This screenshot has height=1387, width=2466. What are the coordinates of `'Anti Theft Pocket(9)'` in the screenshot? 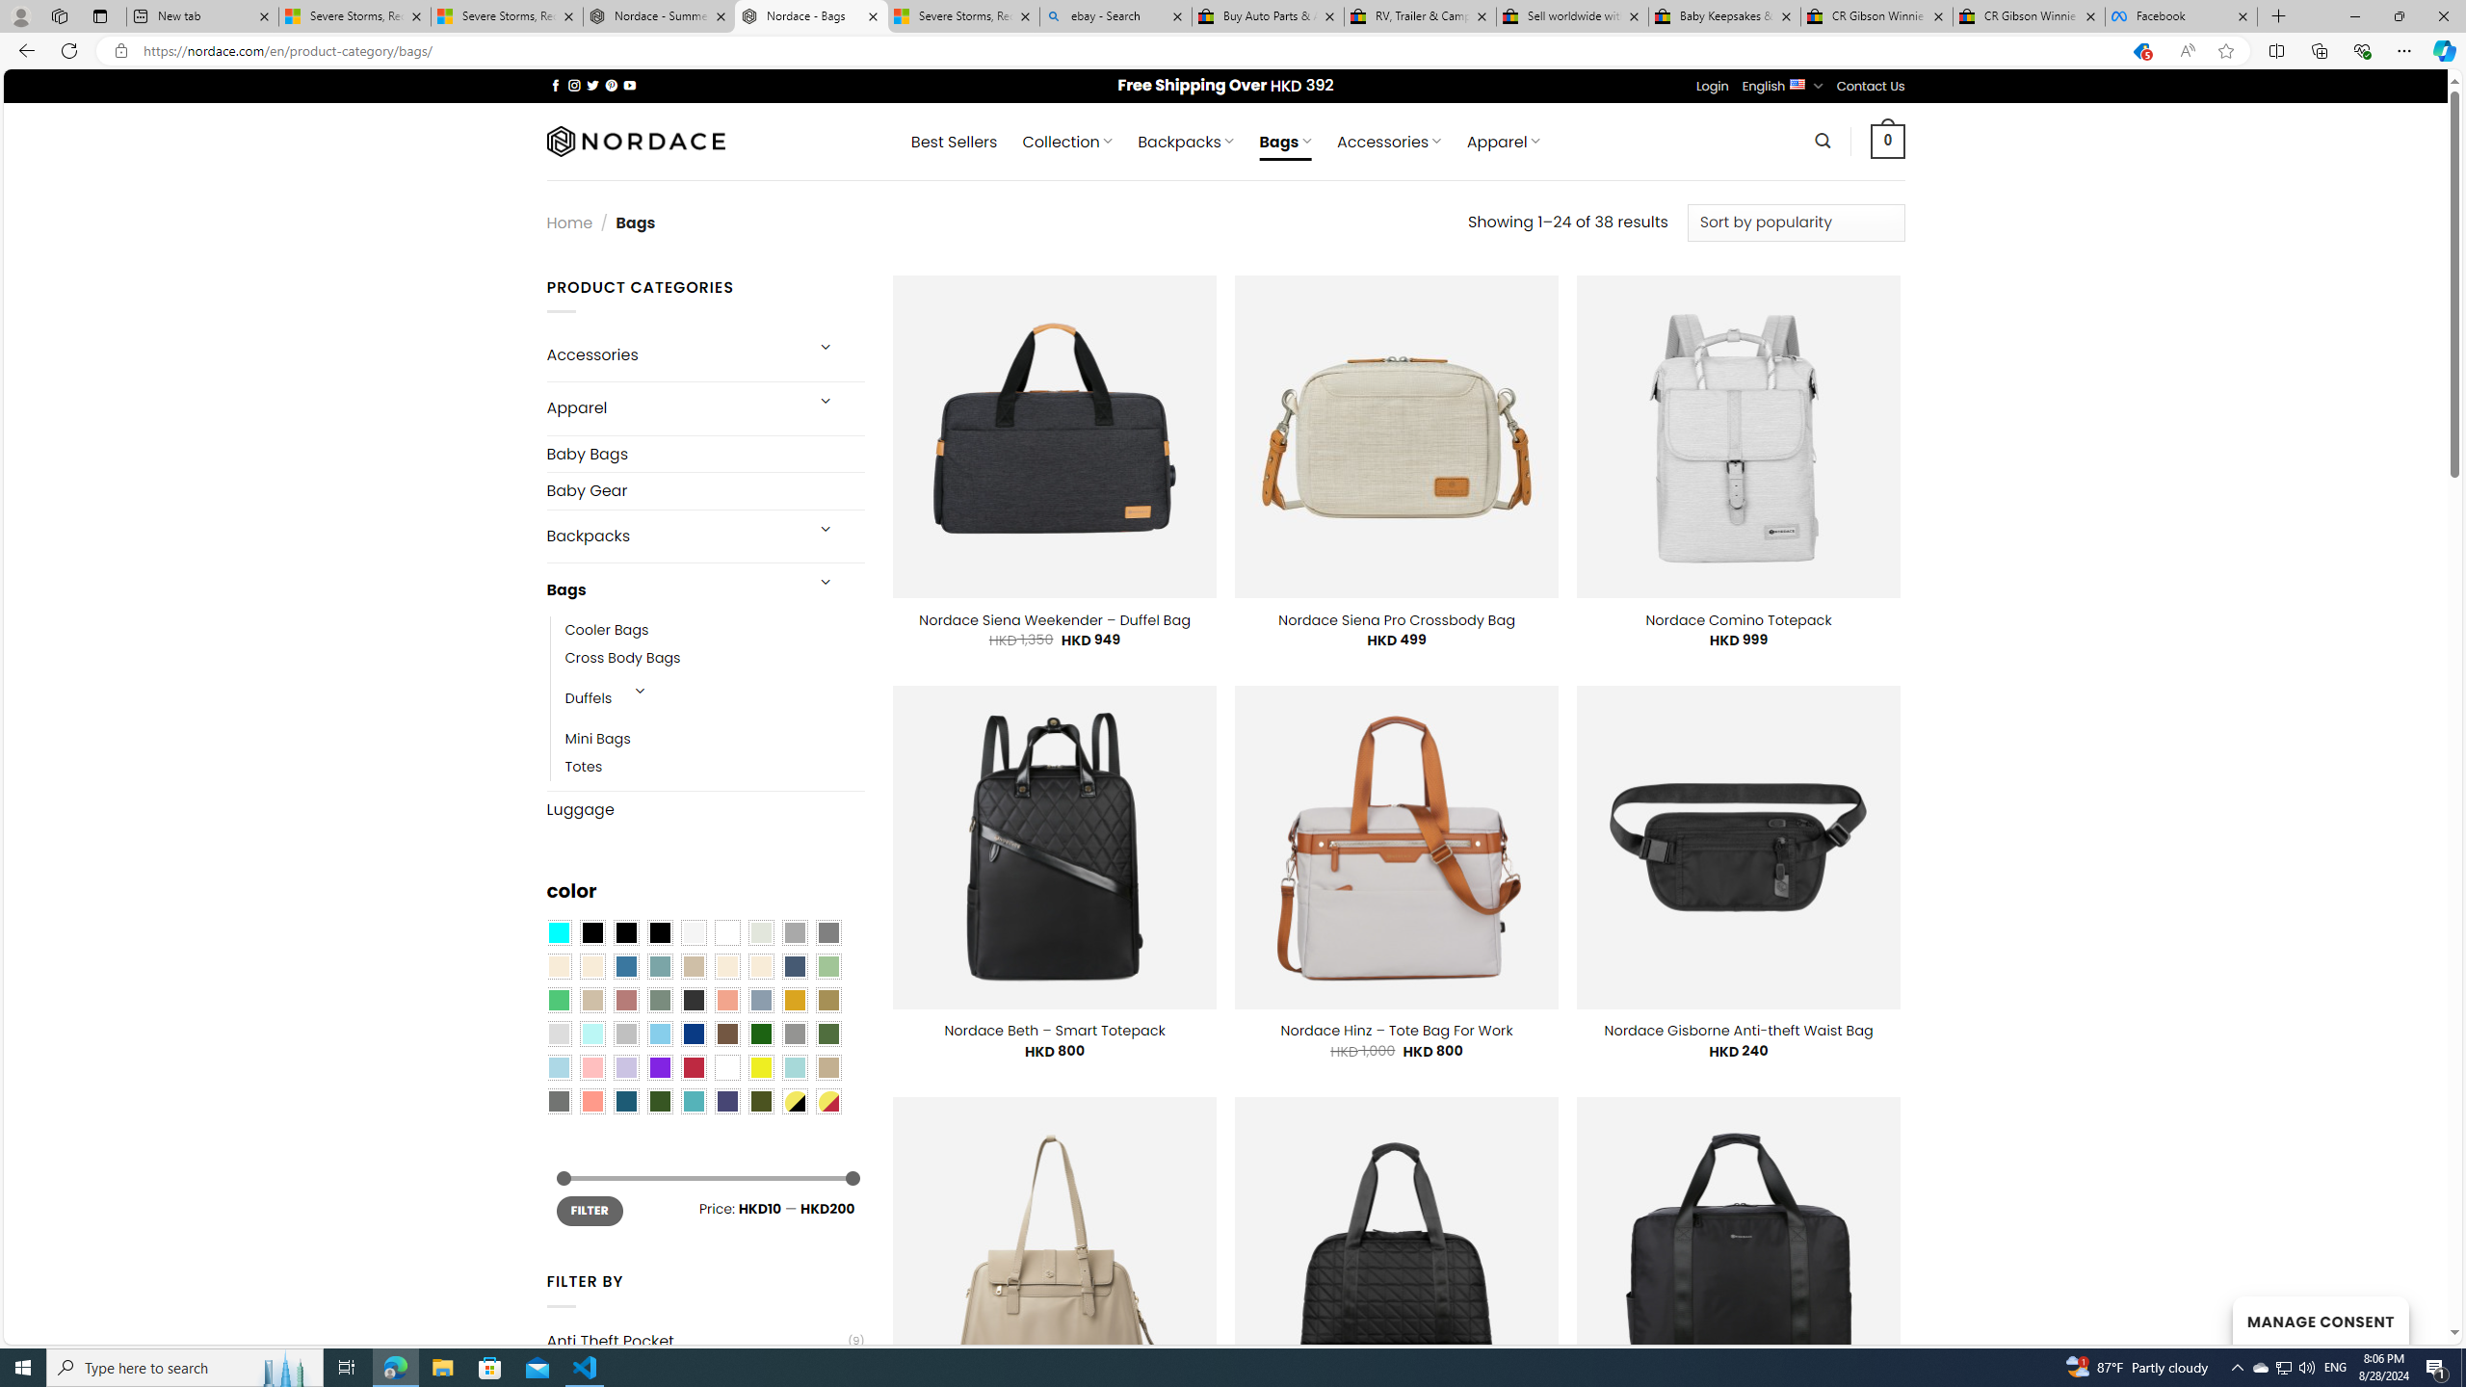 It's located at (704, 1340).